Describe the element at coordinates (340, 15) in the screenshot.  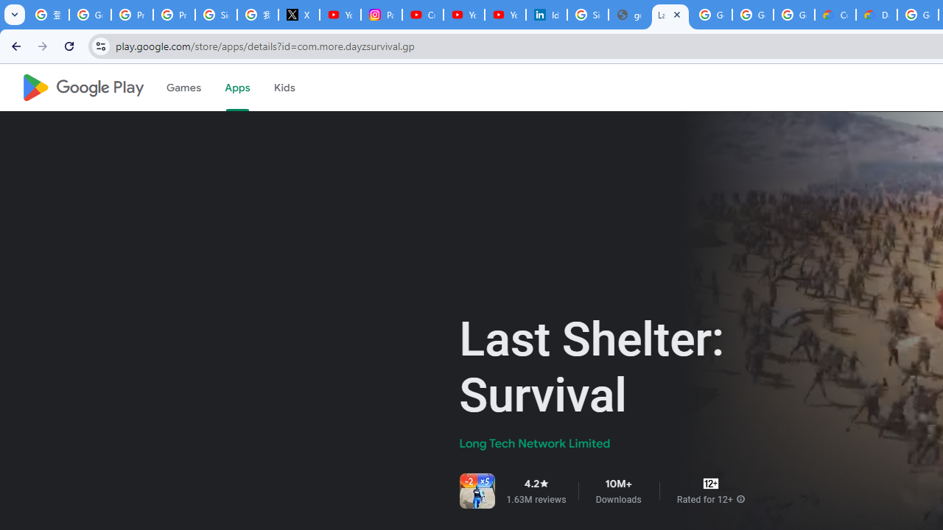
I see `'YouTube Content Monetization Policies - How YouTube Works'` at that location.